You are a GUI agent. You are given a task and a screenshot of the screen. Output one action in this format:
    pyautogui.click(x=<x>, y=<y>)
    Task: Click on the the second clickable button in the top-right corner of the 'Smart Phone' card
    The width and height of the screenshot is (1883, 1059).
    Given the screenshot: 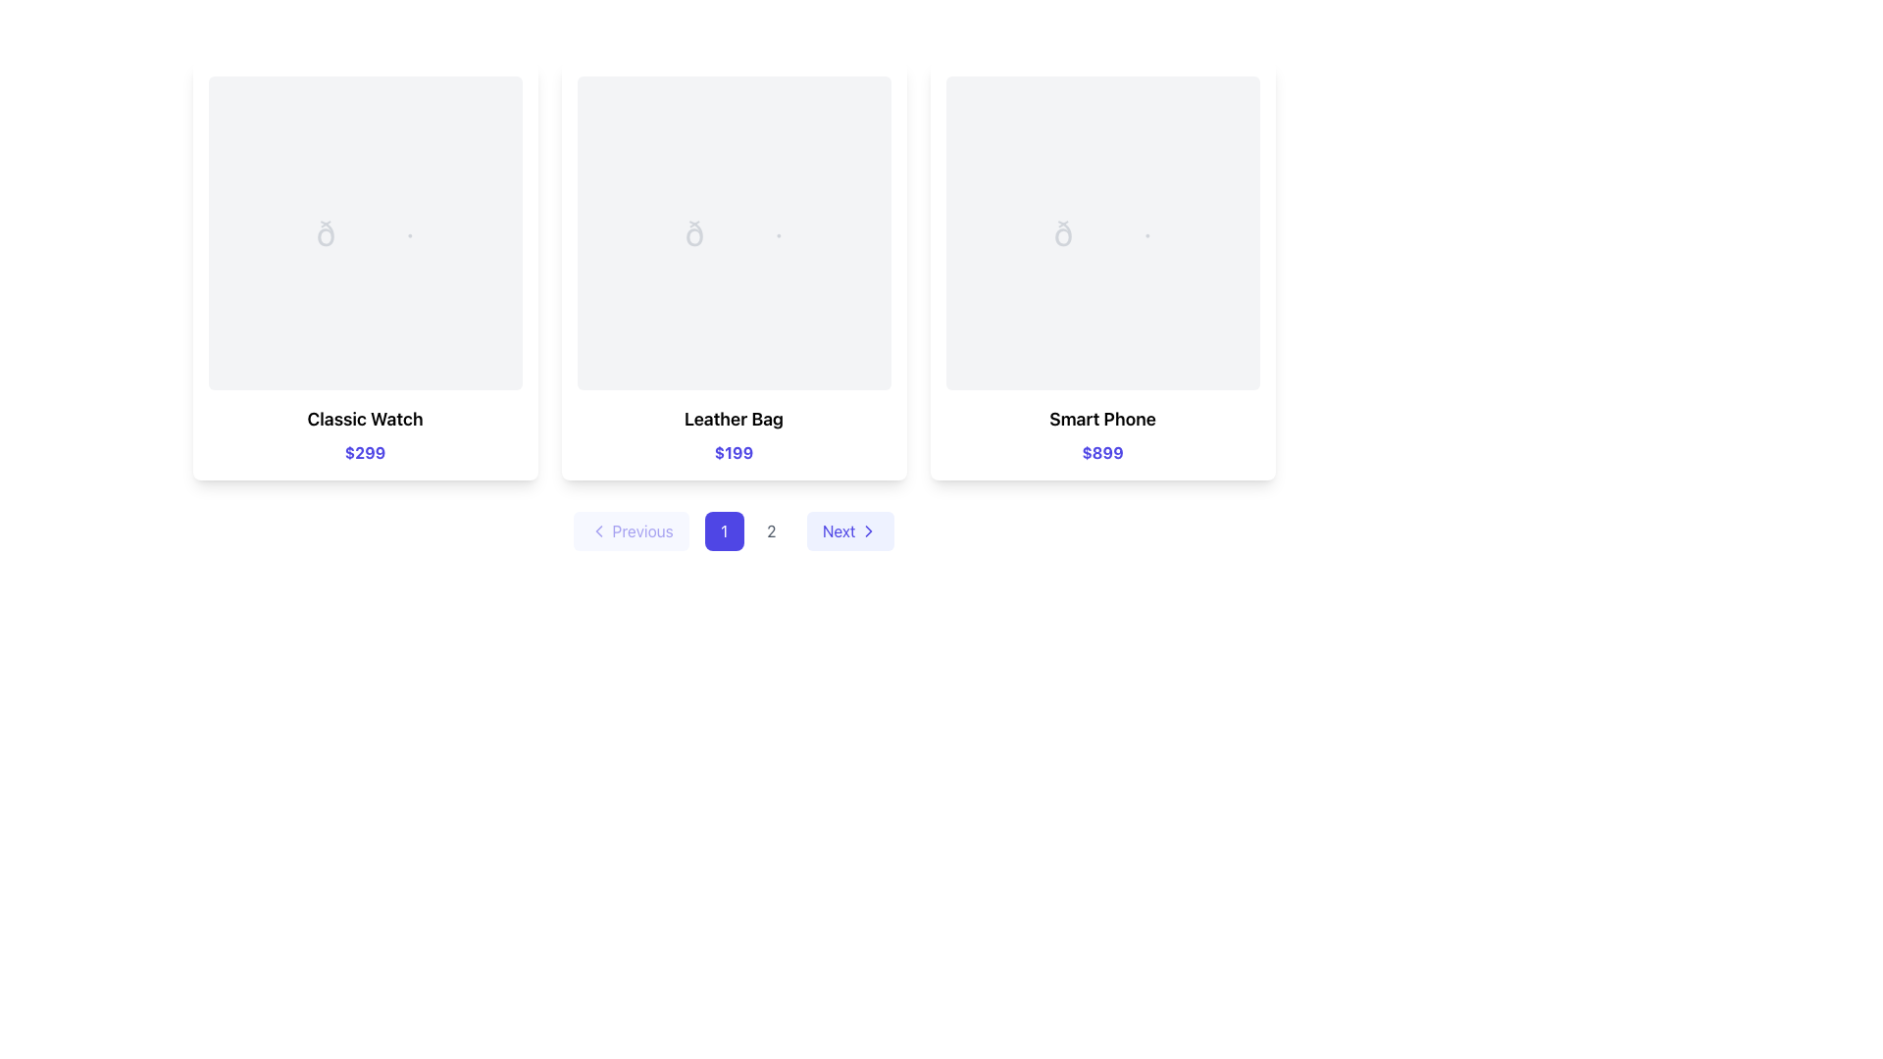 What is the action you would take?
    pyautogui.click(x=1250, y=82)
    